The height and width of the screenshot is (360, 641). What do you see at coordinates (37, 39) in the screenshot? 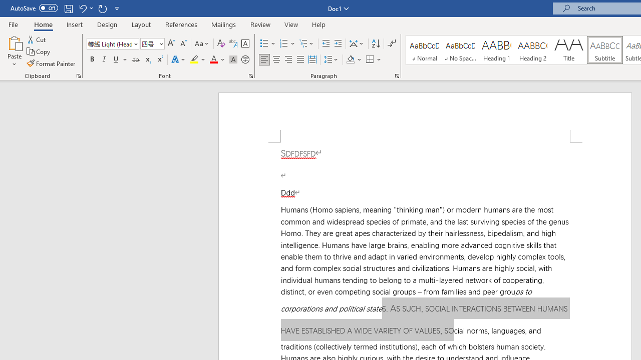
I see `'Cut'` at bounding box center [37, 39].